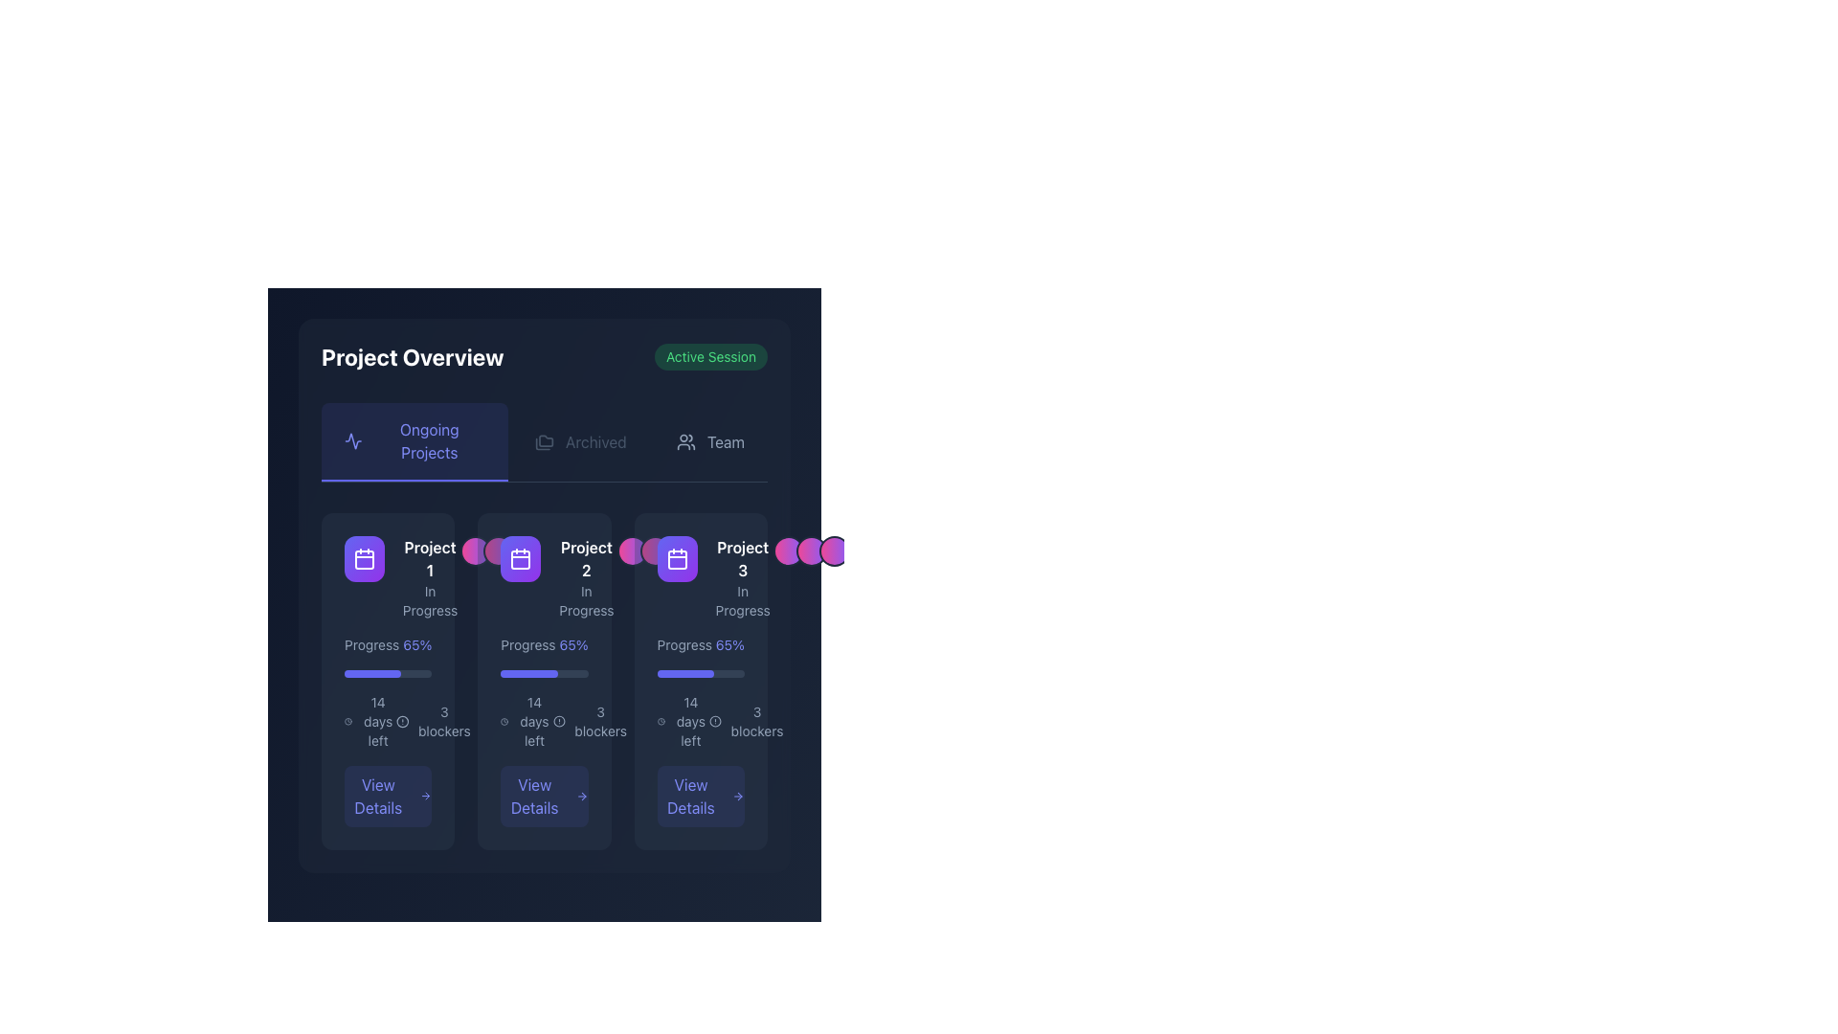 Image resolution: width=1838 pixels, height=1034 pixels. I want to click on the navigation button that redirects to the 'Team' section, located as the third button from the left in the top horizontal navigation bar, so click(709, 442).